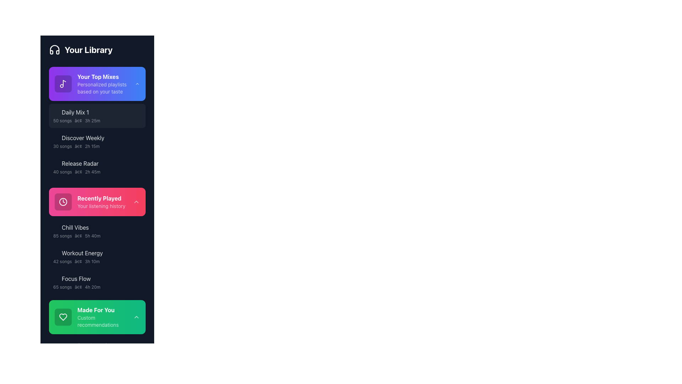  What do you see at coordinates (97, 202) in the screenshot?
I see `the fourth navigation button in the vertical list that directs to recently played audio or media` at bounding box center [97, 202].